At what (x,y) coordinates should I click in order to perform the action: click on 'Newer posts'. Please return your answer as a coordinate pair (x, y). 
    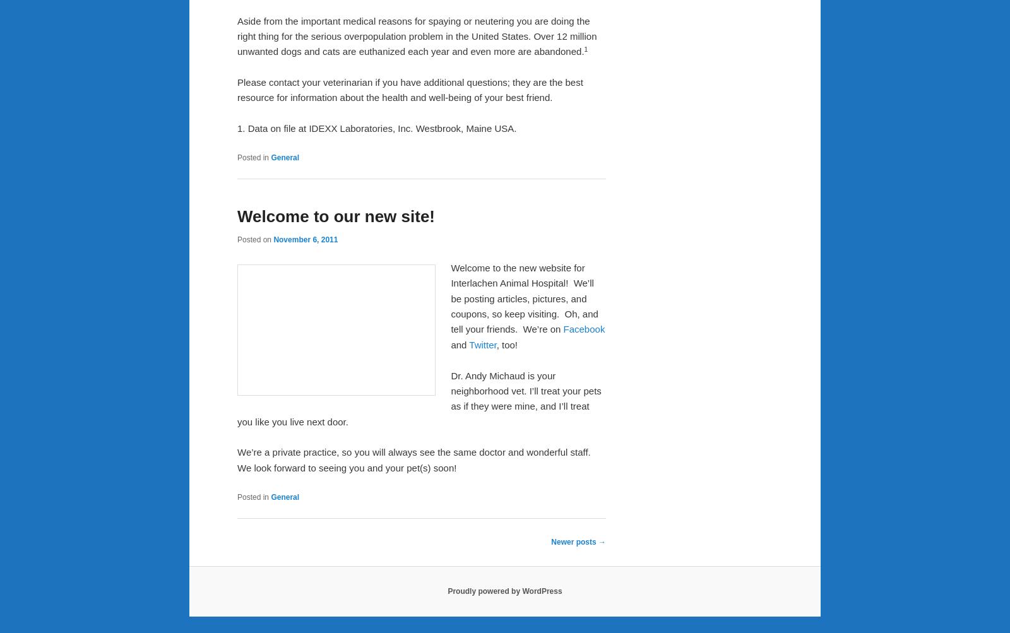
    Looking at the image, I should click on (574, 541).